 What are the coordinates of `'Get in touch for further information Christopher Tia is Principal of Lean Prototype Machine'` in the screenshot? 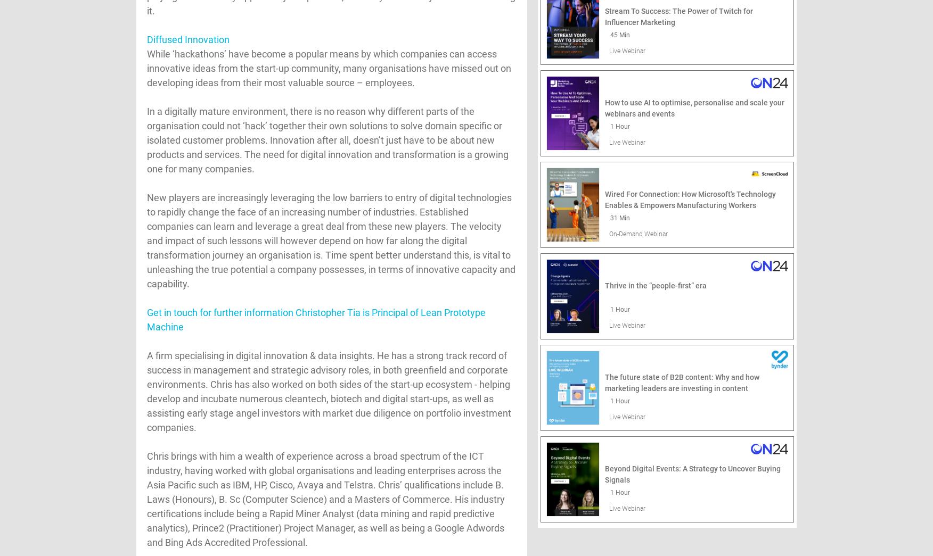 It's located at (316, 319).